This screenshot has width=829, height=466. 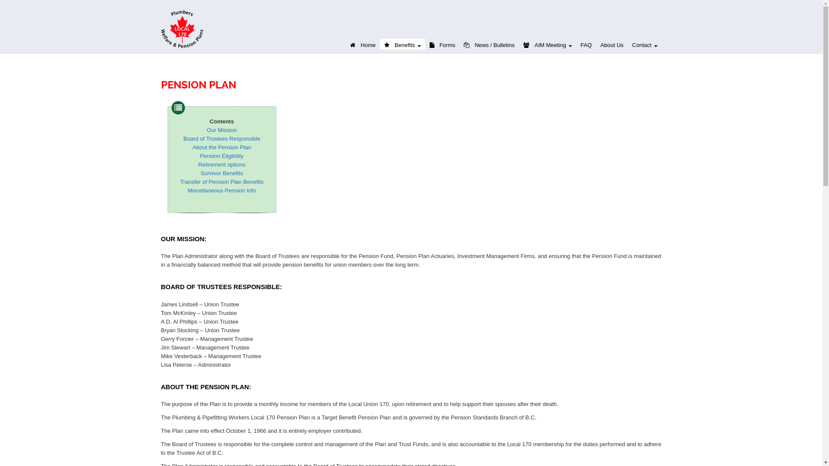 What do you see at coordinates (402, 44) in the screenshot?
I see `'Benefits'` at bounding box center [402, 44].